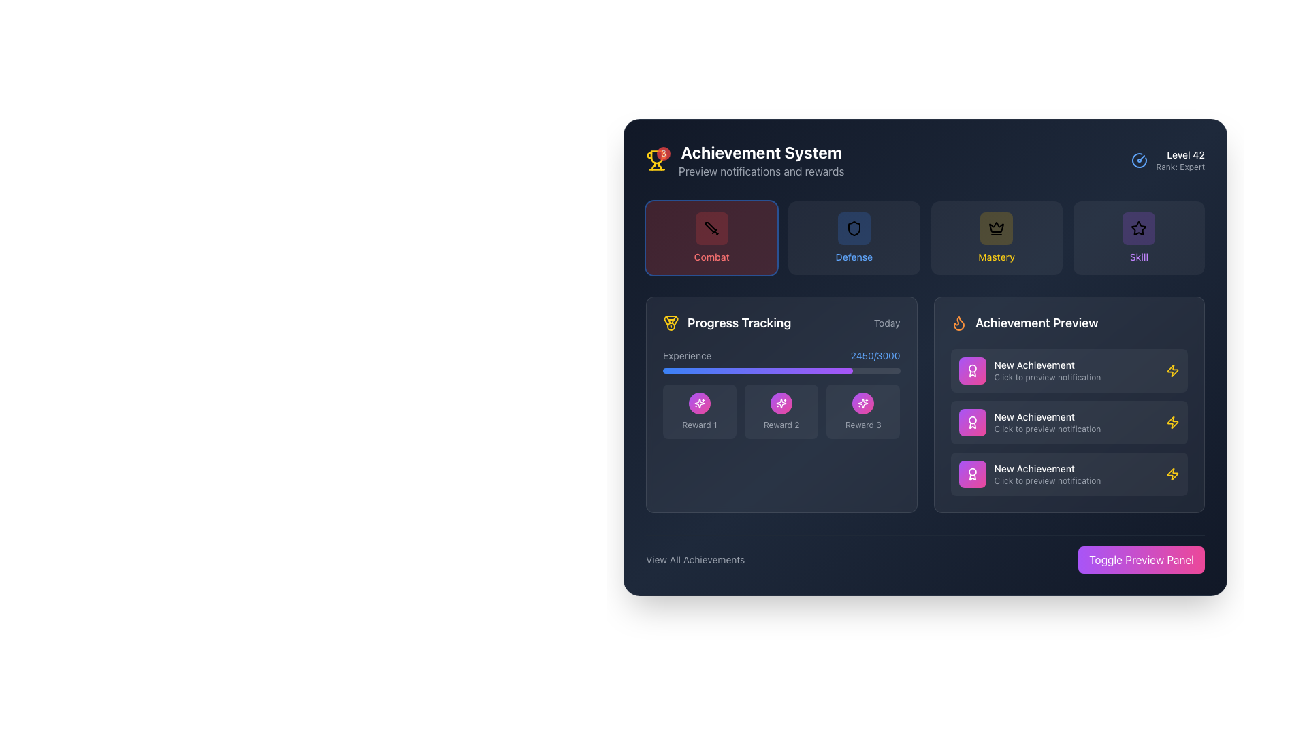 This screenshot has height=735, width=1307. What do you see at coordinates (1035, 323) in the screenshot?
I see `the text label element that serves as a title for the achievements section, located on the right-hand side of the interface, preceded by a flame icon` at bounding box center [1035, 323].